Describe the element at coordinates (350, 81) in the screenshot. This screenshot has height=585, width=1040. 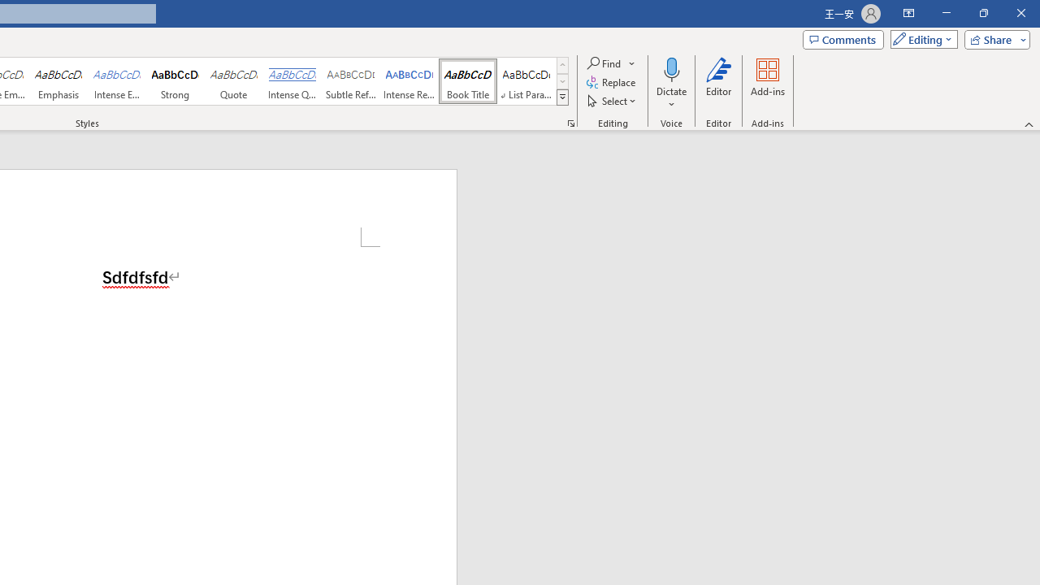
I see `'Subtle Reference'` at that location.